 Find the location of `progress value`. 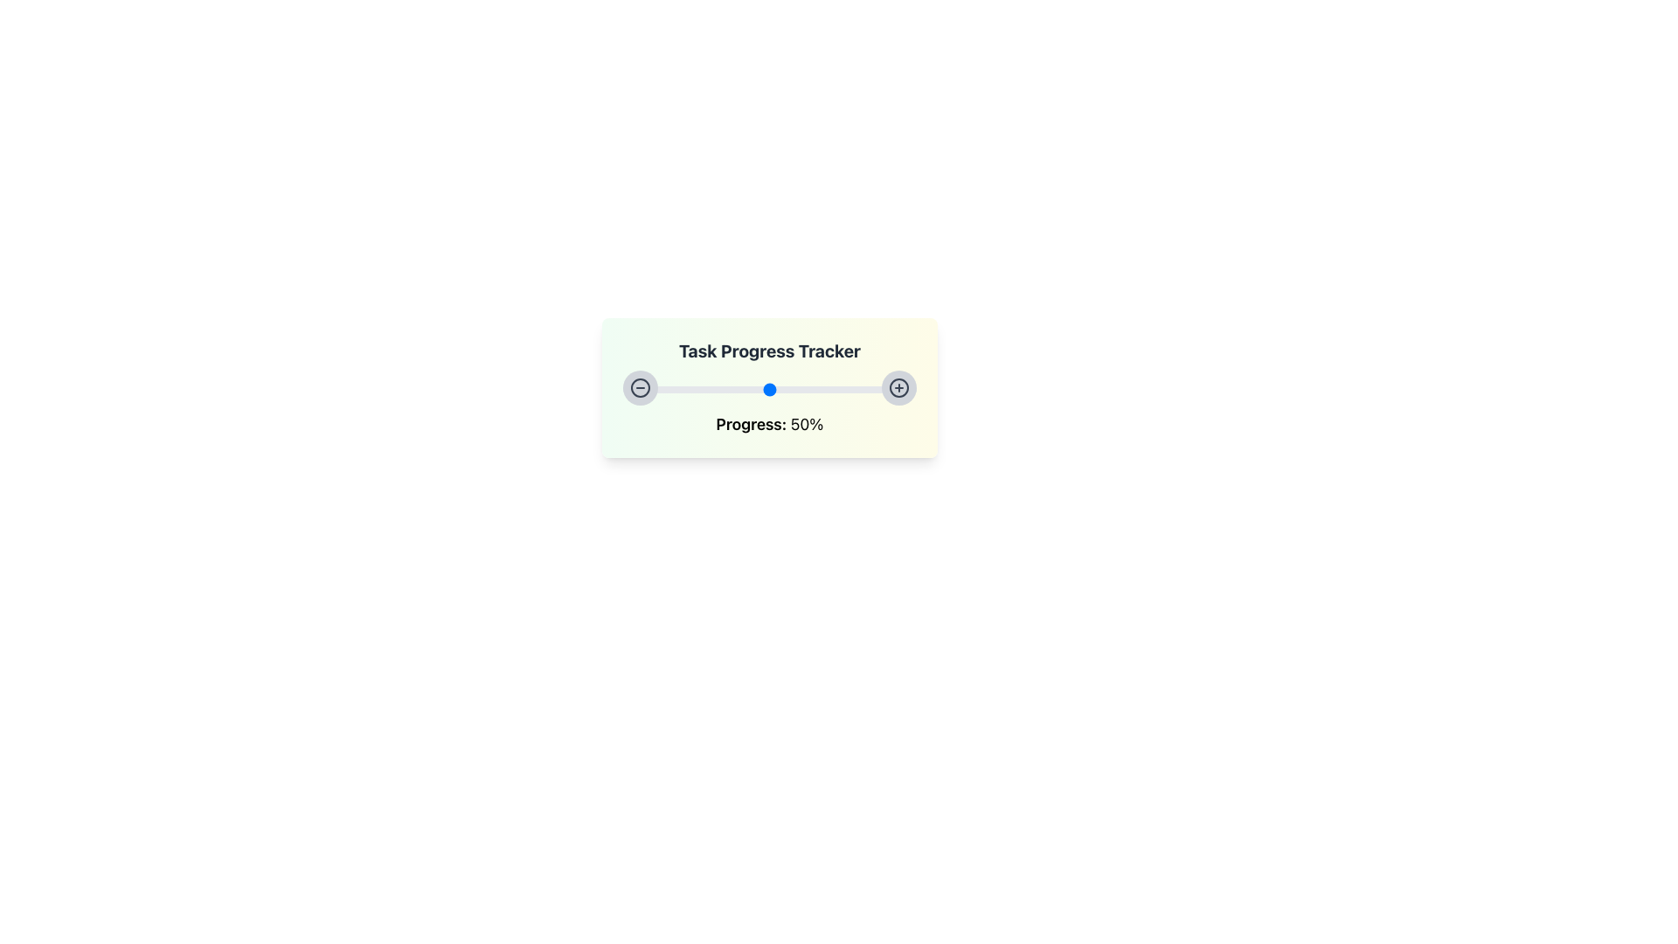

progress value is located at coordinates (692, 386).